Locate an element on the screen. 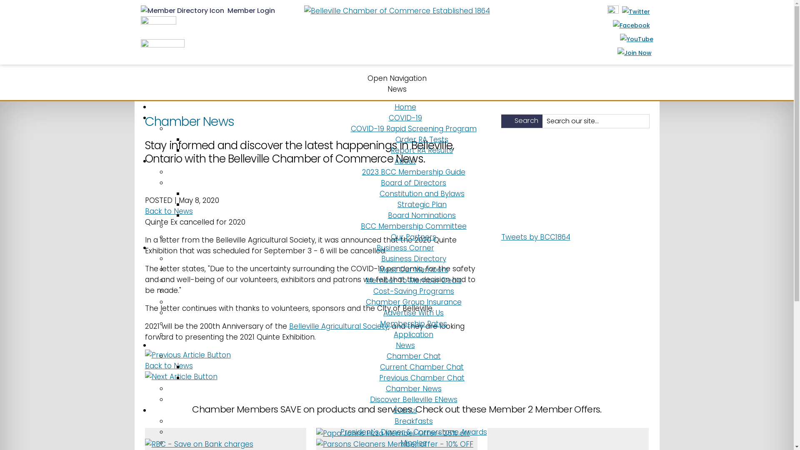 Image resolution: width=800 pixels, height=450 pixels. 'Membership Rates' is located at coordinates (380, 323).